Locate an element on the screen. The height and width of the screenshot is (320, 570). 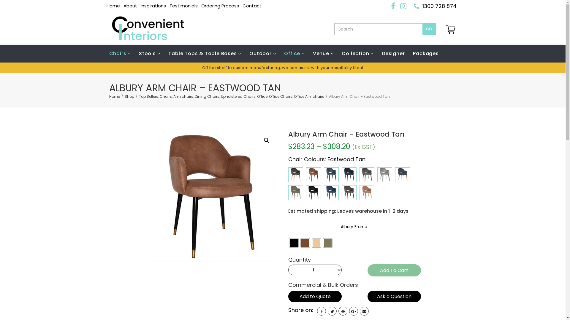
'Arm chairs' is located at coordinates (173, 96).